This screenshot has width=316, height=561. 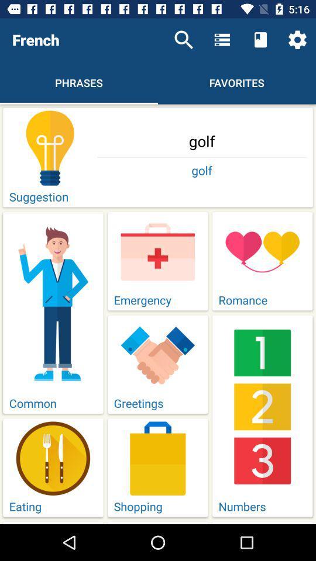 I want to click on button  next to menu, so click(x=260, y=40).